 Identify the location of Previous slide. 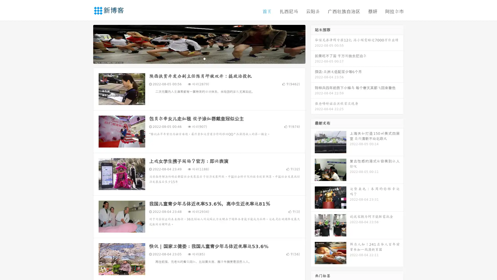
(85, 44).